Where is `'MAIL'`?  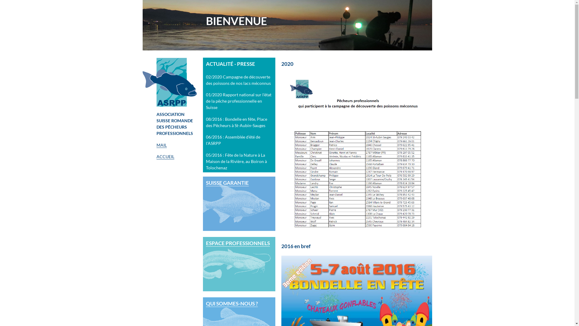 'MAIL' is located at coordinates (161, 145).